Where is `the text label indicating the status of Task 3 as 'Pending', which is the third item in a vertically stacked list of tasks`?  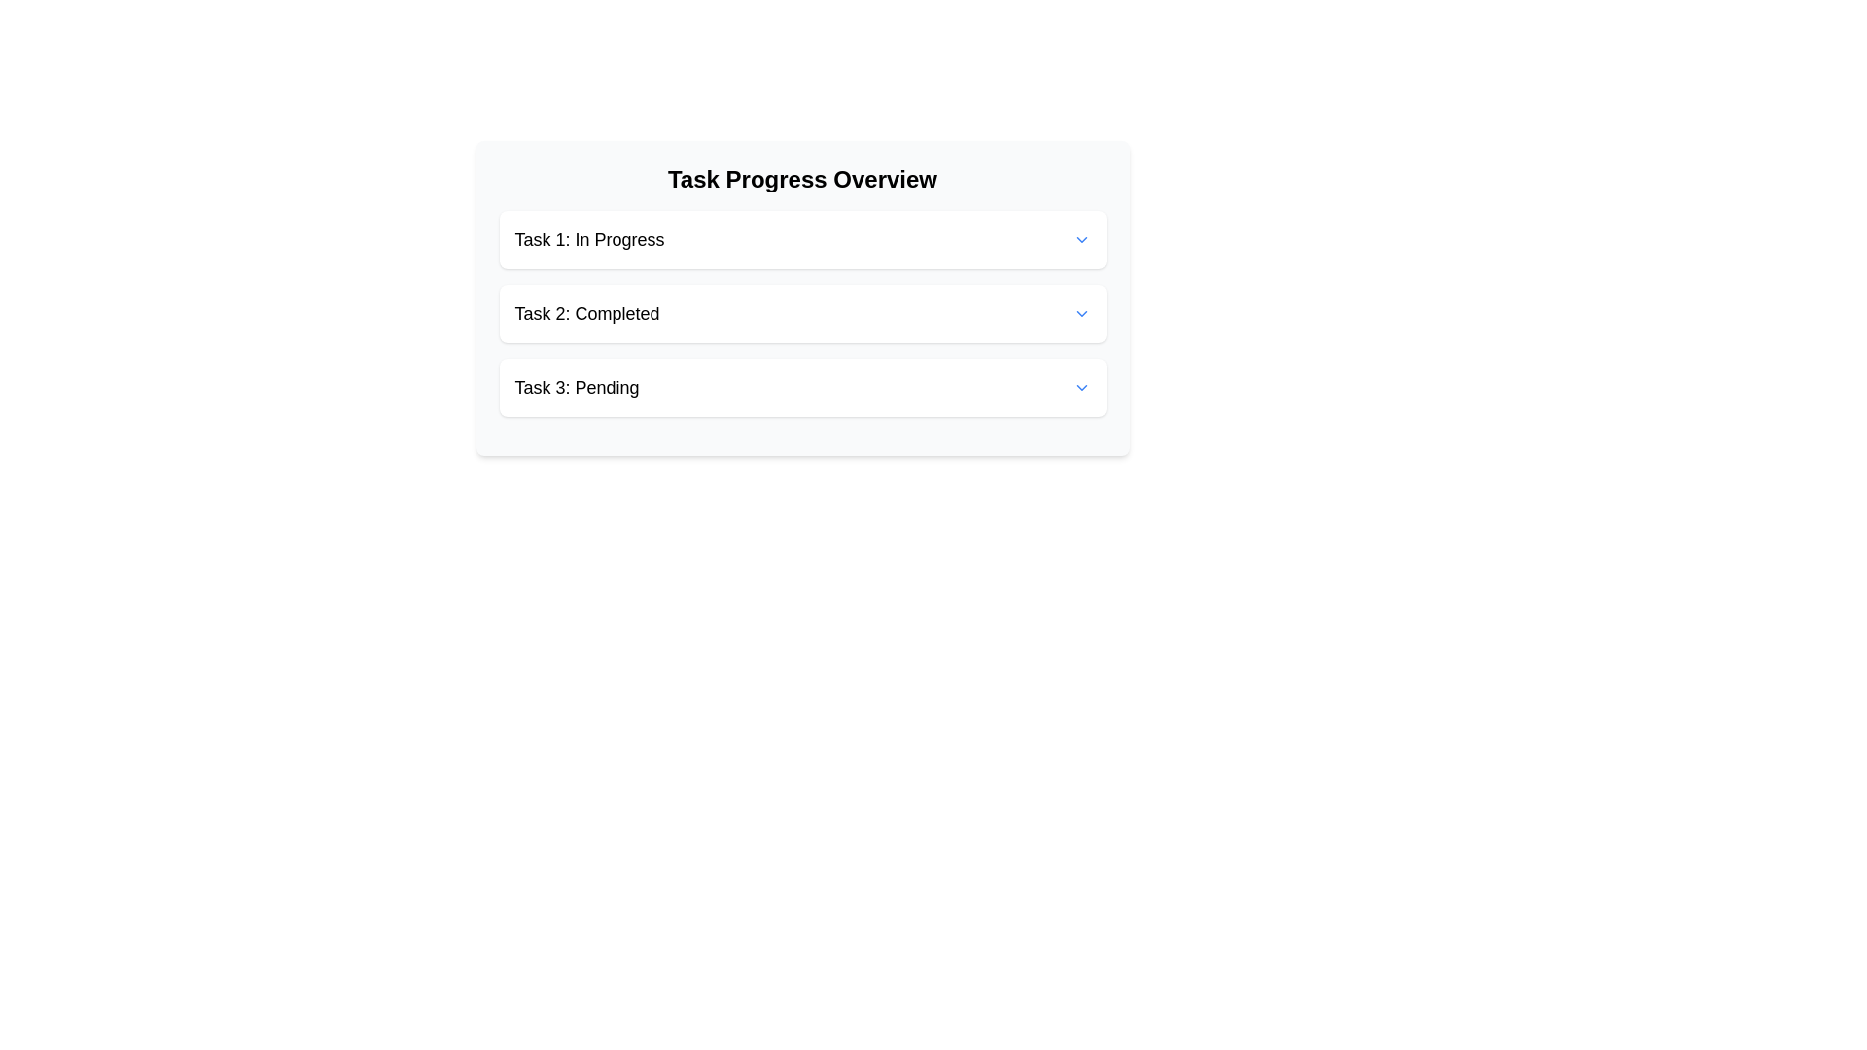 the text label indicating the status of Task 3 as 'Pending', which is the third item in a vertically stacked list of tasks is located at coordinates (576, 387).